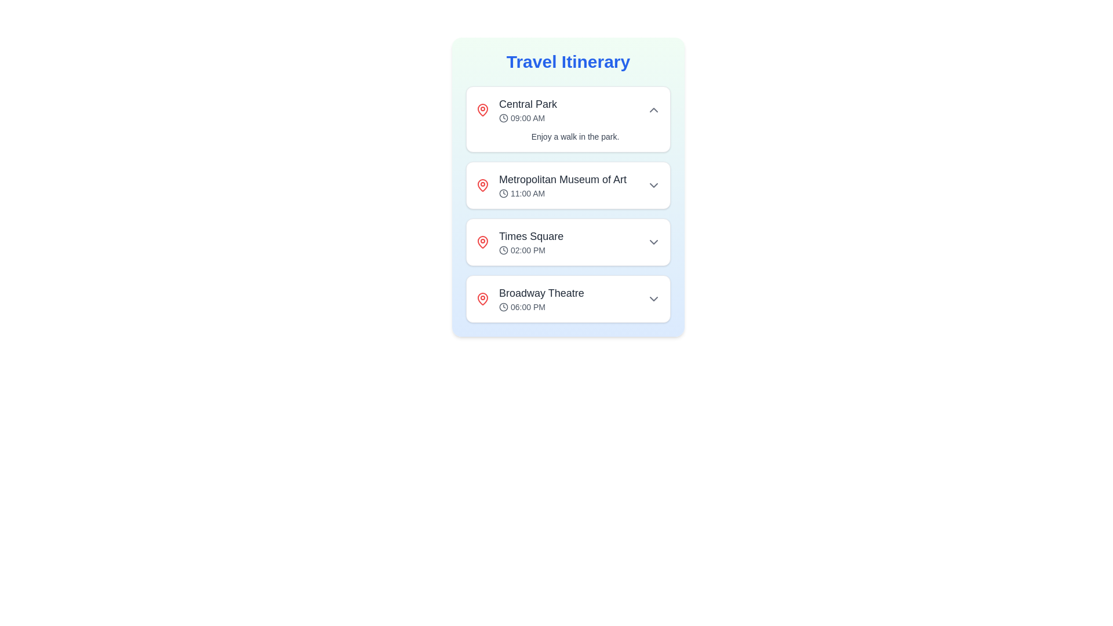 The image size is (1113, 626). What do you see at coordinates (568, 185) in the screenshot?
I see `the time of the itinerary entry for 'Metropolitan Museum of Art'` at bounding box center [568, 185].